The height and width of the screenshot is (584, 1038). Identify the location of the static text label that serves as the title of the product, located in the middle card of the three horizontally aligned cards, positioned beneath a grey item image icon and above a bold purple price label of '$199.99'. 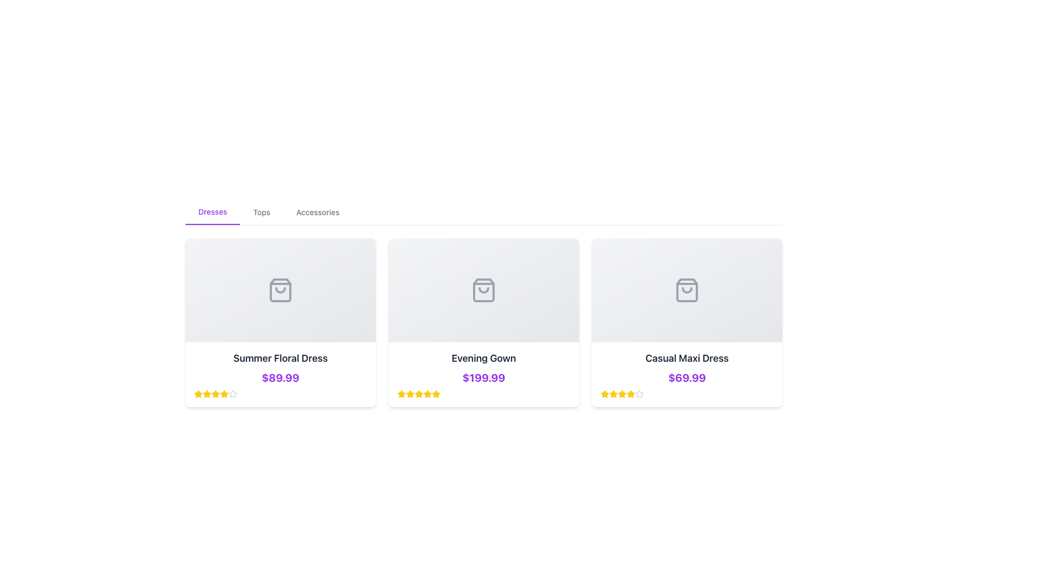
(483, 359).